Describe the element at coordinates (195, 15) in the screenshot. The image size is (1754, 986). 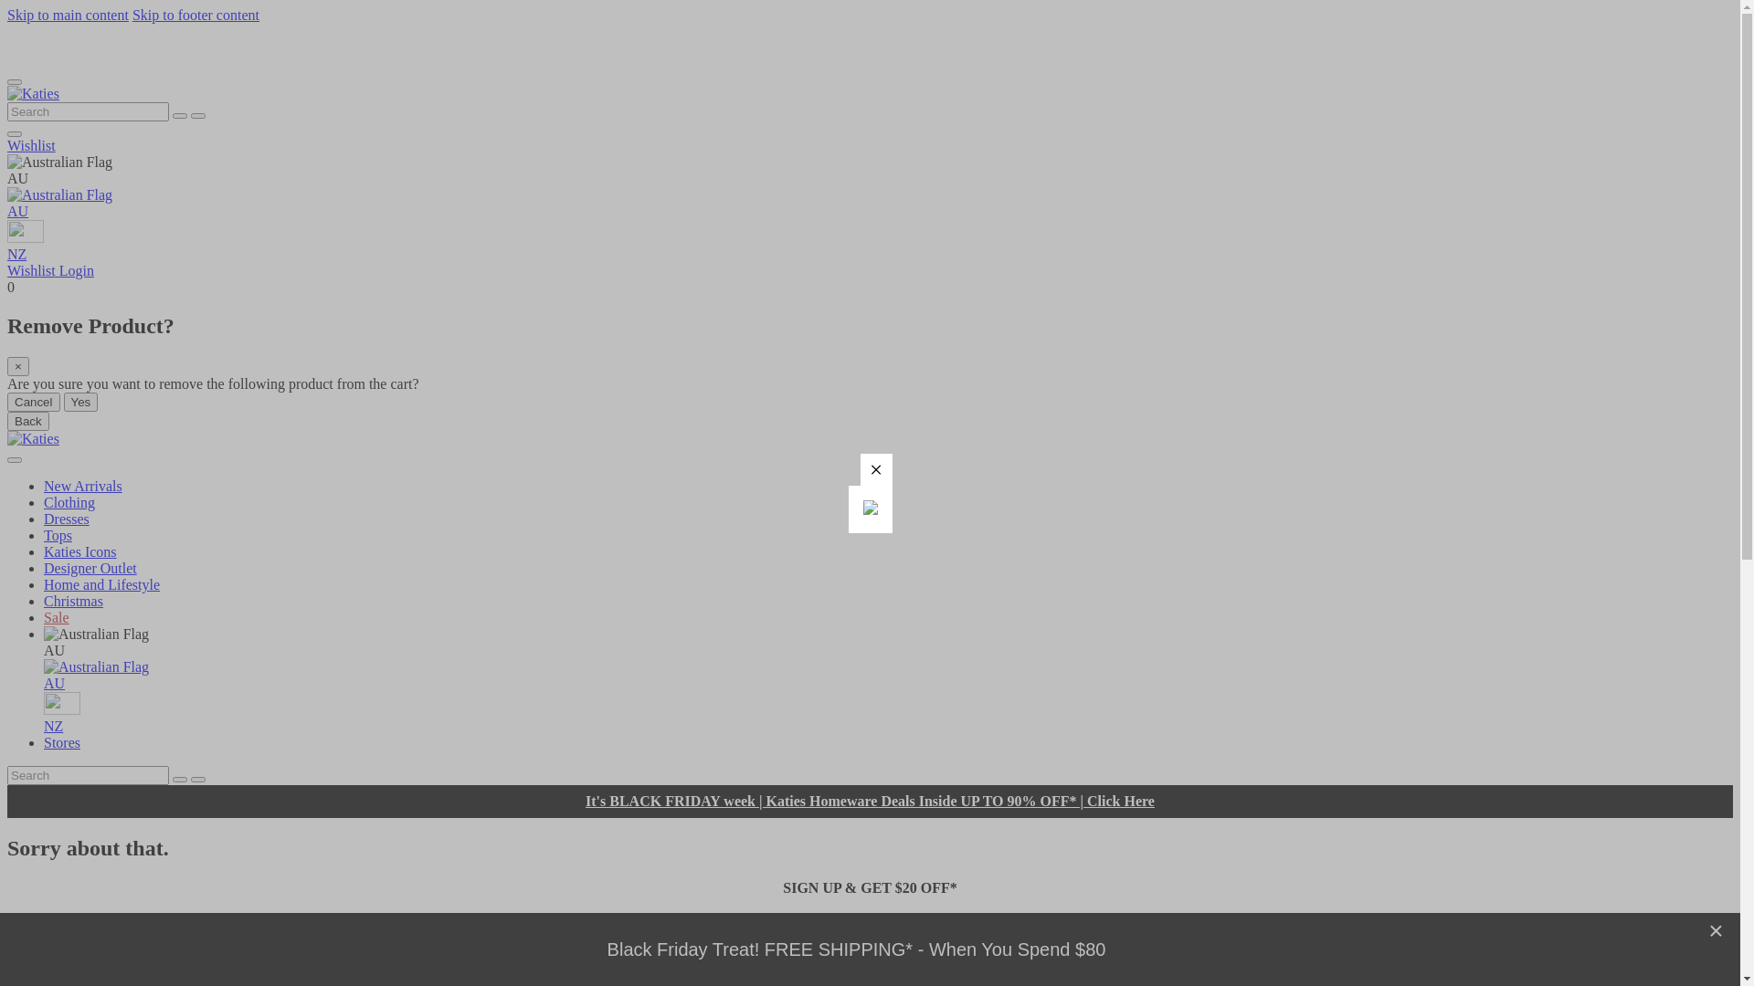
I see `'Skip to footer content'` at that location.